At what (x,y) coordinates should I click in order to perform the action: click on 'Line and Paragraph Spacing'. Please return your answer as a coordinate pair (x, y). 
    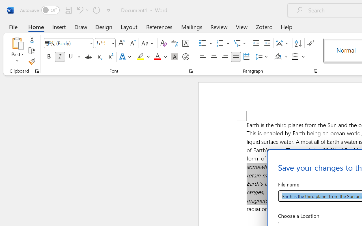
    Looking at the image, I should click on (262, 57).